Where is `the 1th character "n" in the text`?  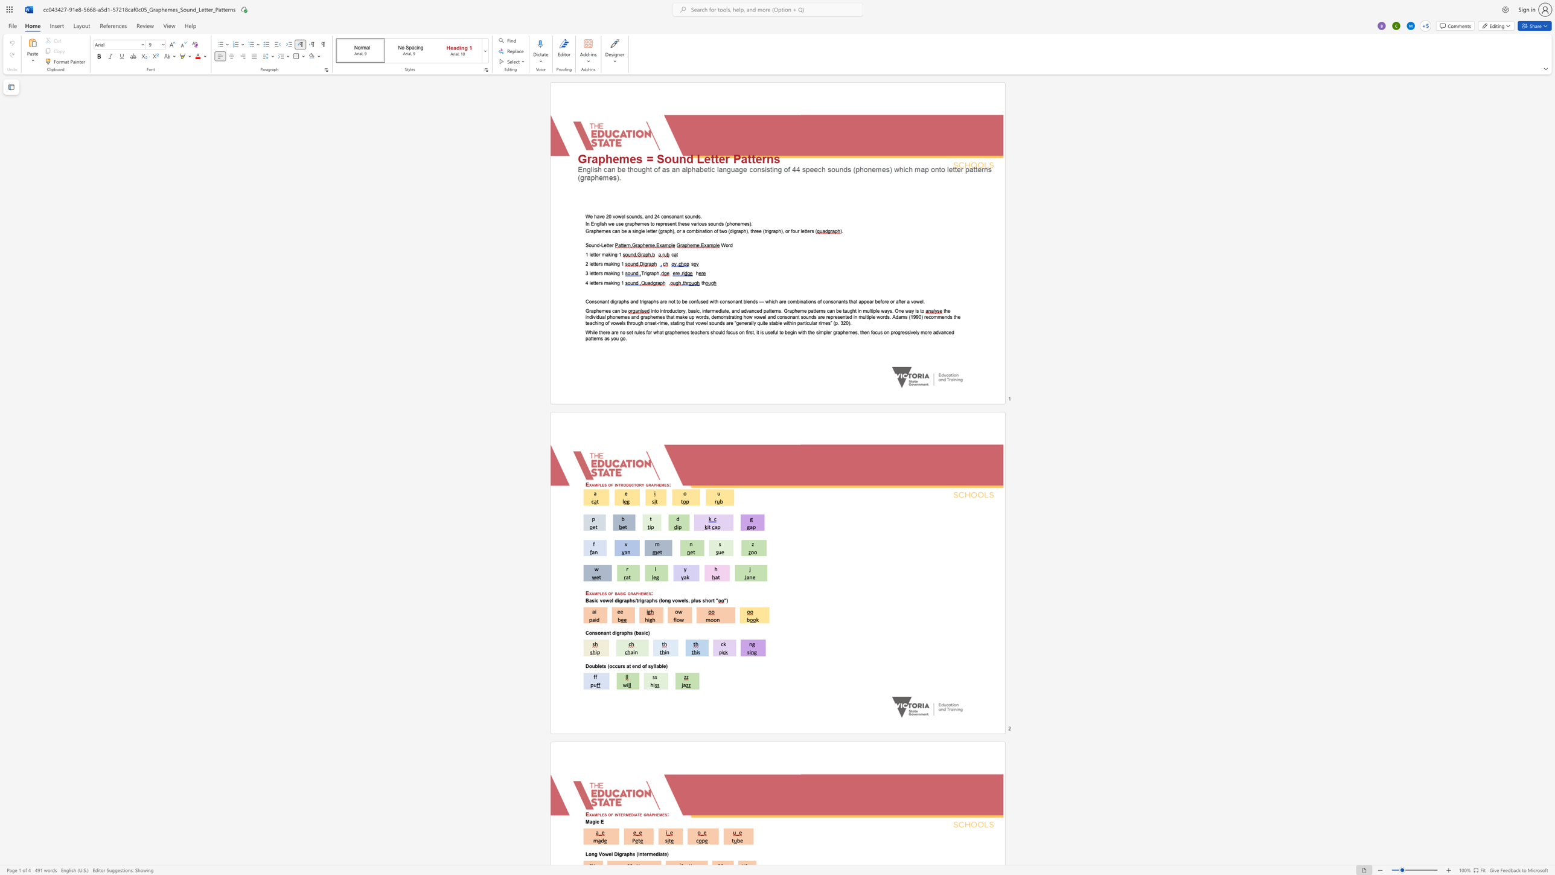 the 1th character "n" in the text is located at coordinates (618, 310).